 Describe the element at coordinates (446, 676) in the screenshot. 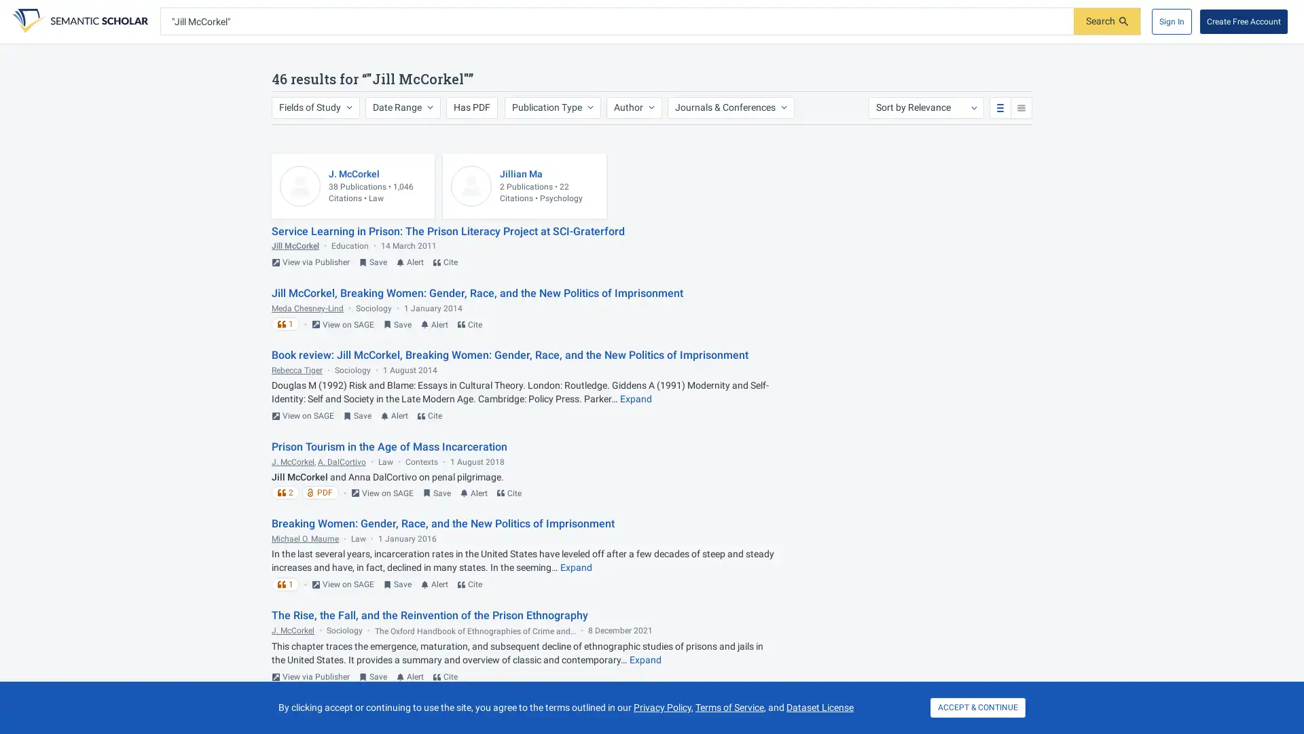

I see `Cite this paper` at that location.